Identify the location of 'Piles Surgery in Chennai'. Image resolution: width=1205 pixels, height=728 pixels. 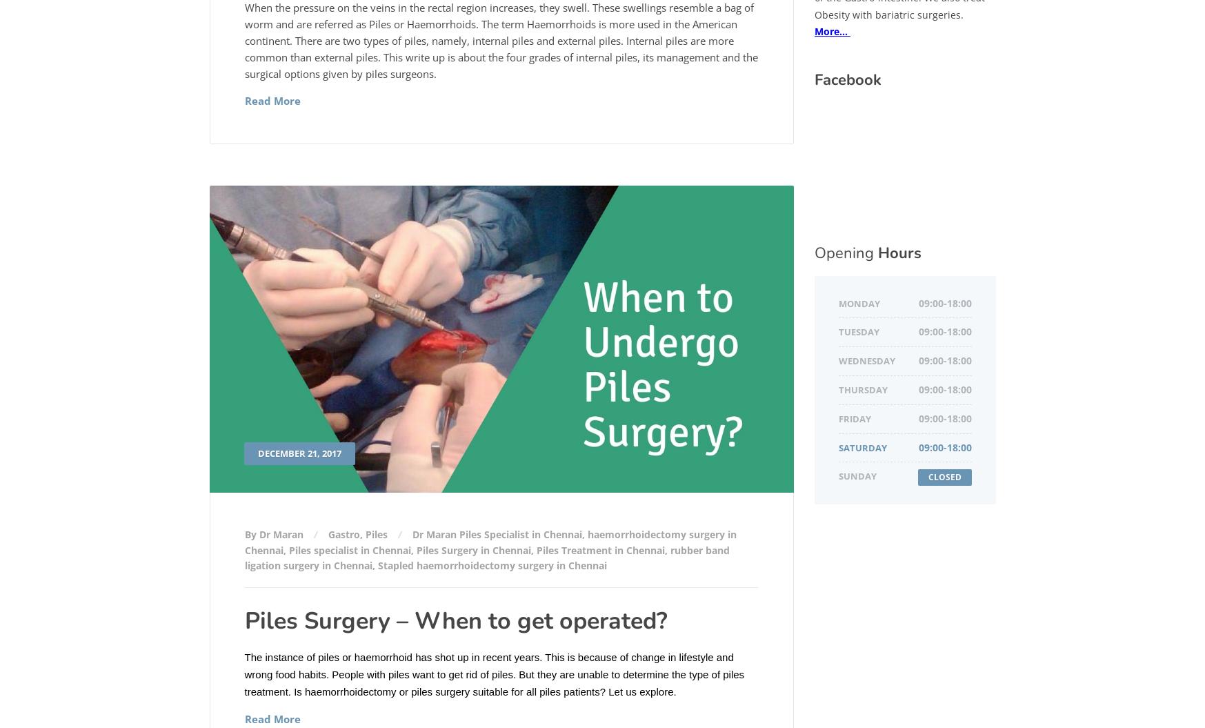
(472, 549).